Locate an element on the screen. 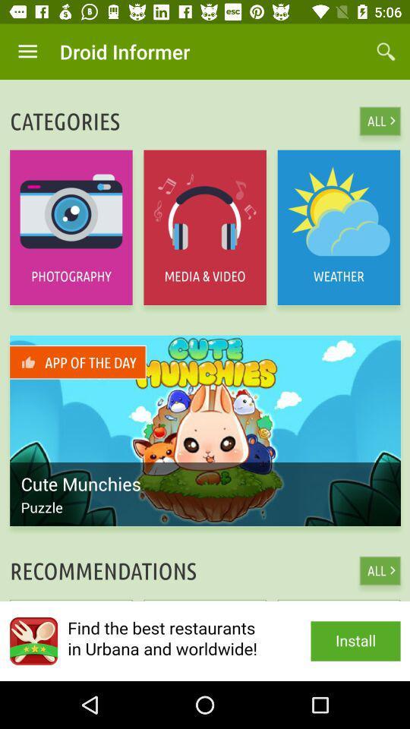  install the app is located at coordinates (205, 640).